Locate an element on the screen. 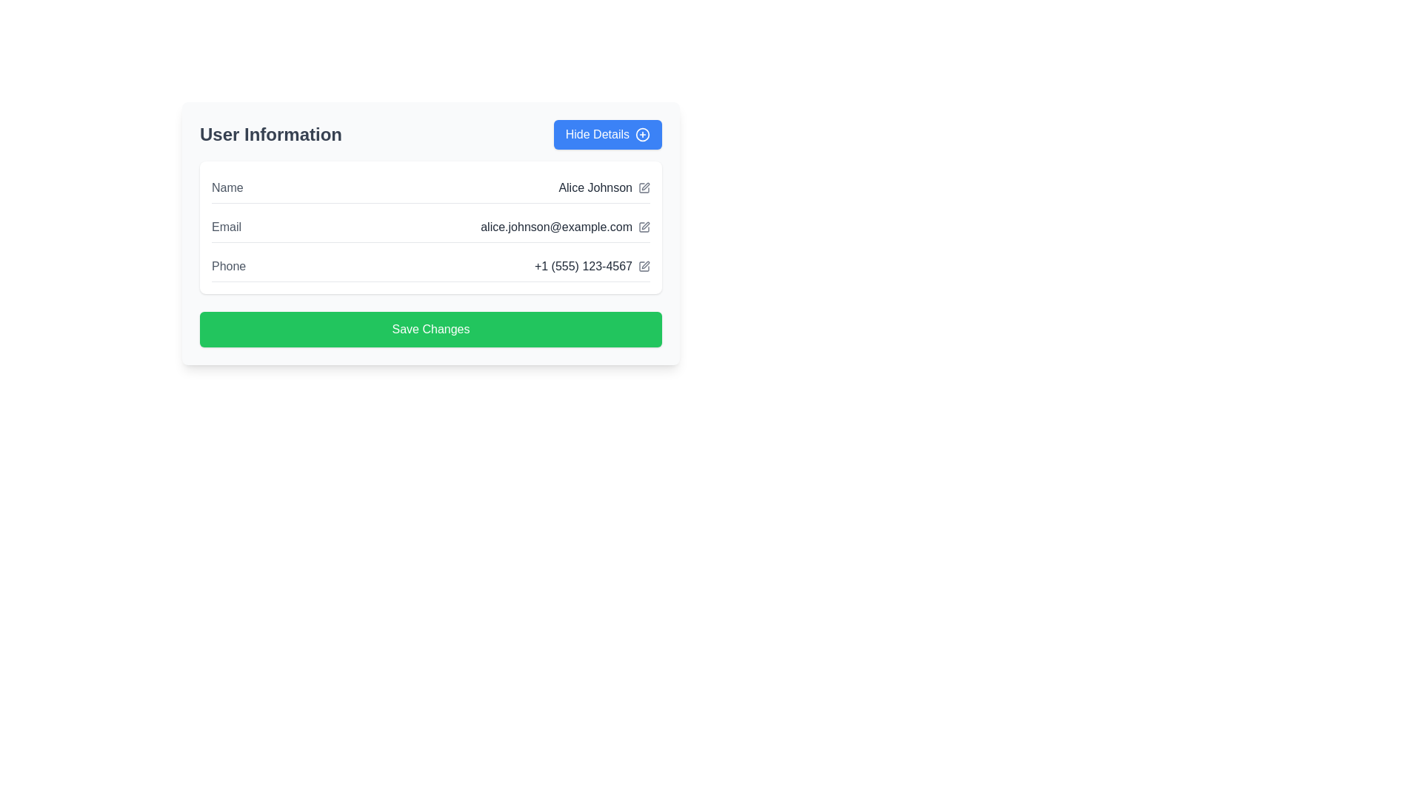 The image size is (1422, 800). on the email address located in the central section of the 'Email' row, positioned is located at coordinates (564, 227).